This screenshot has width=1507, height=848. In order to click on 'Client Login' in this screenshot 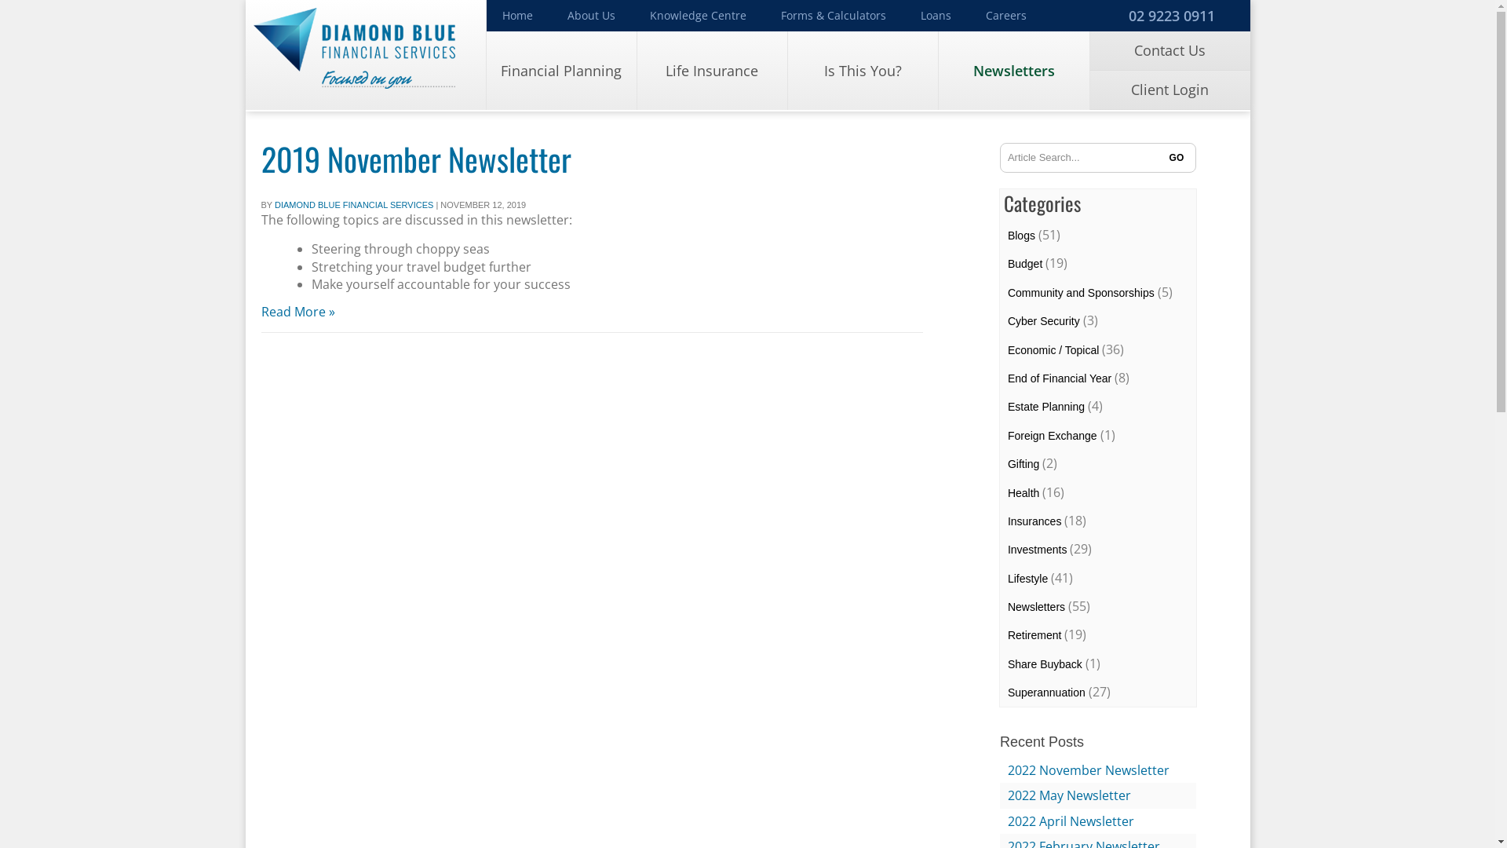, I will do `click(1169, 90)`.